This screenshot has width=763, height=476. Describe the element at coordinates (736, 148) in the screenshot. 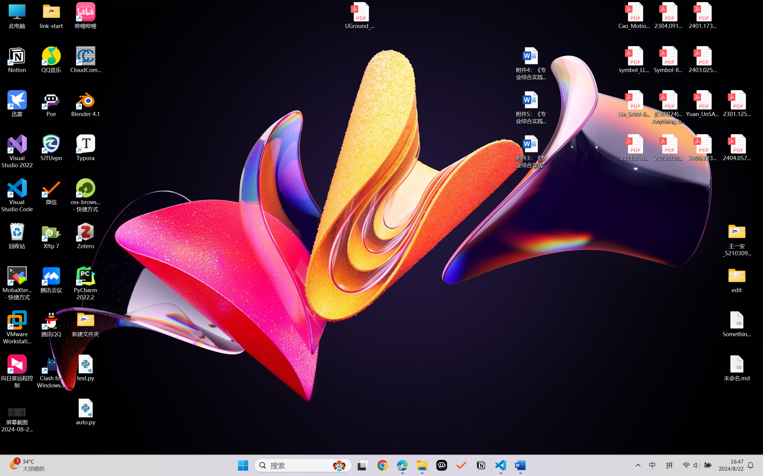

I see `'2404.05719v1.pdf'` at that location.